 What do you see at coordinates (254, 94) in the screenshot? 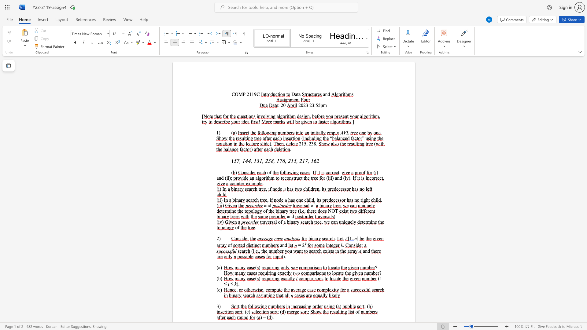
I see `the subset text "9C" within the text "COMP 2119C"` at bounding box center [254, 94].